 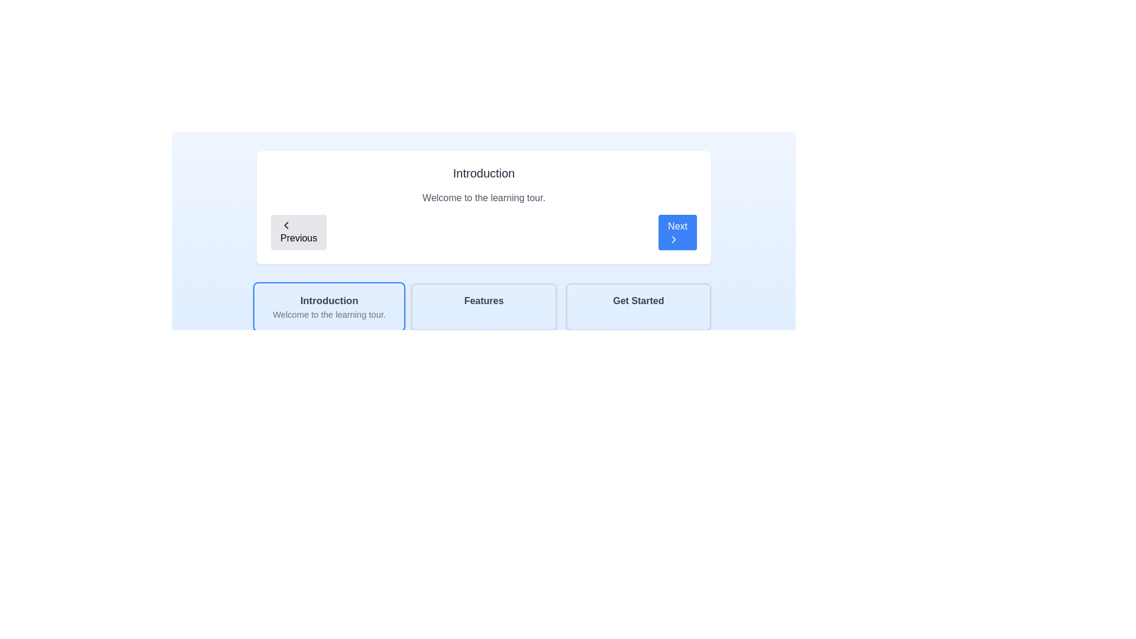 What do you see at coordinates (329, 306) in the screenshot?
I see `the Informational card or panel with a light blue background, featuring the title 'Introduction' and the text 'Welcome to the learning tour.' positioned centrally at the bottom region of the interface` at bounding box center [329, 306].